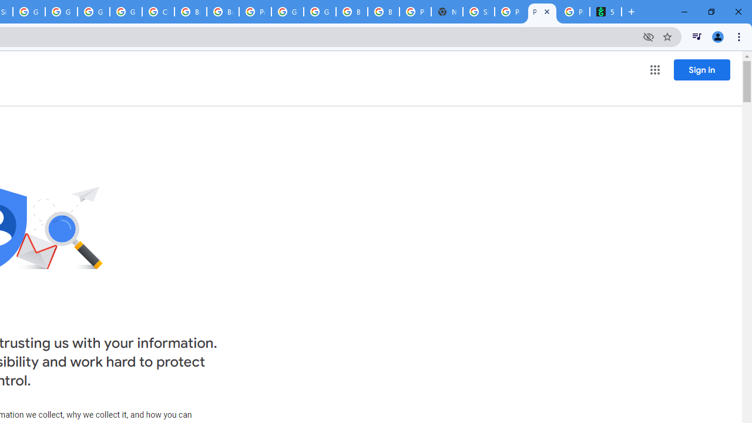 This screenshot has height=423, width=752. Describe the element at coordinates (287, 12) in the screenshot. I see `'Google Cloud Platform'` at that location.